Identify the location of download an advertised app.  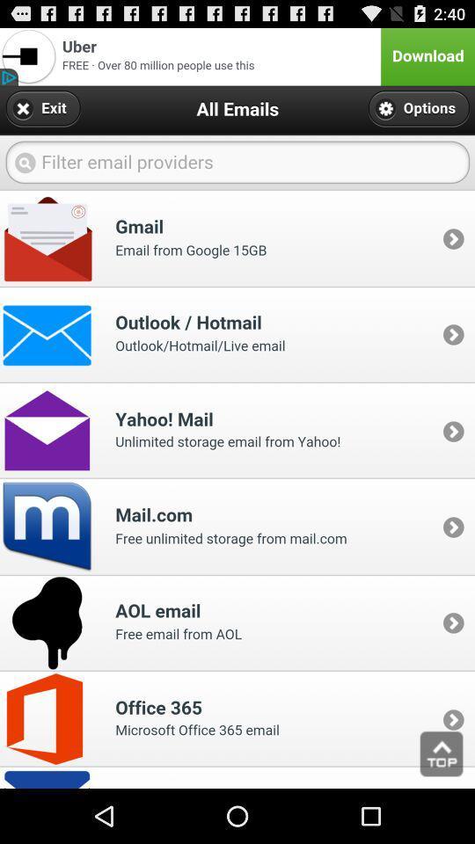
(237, 56).